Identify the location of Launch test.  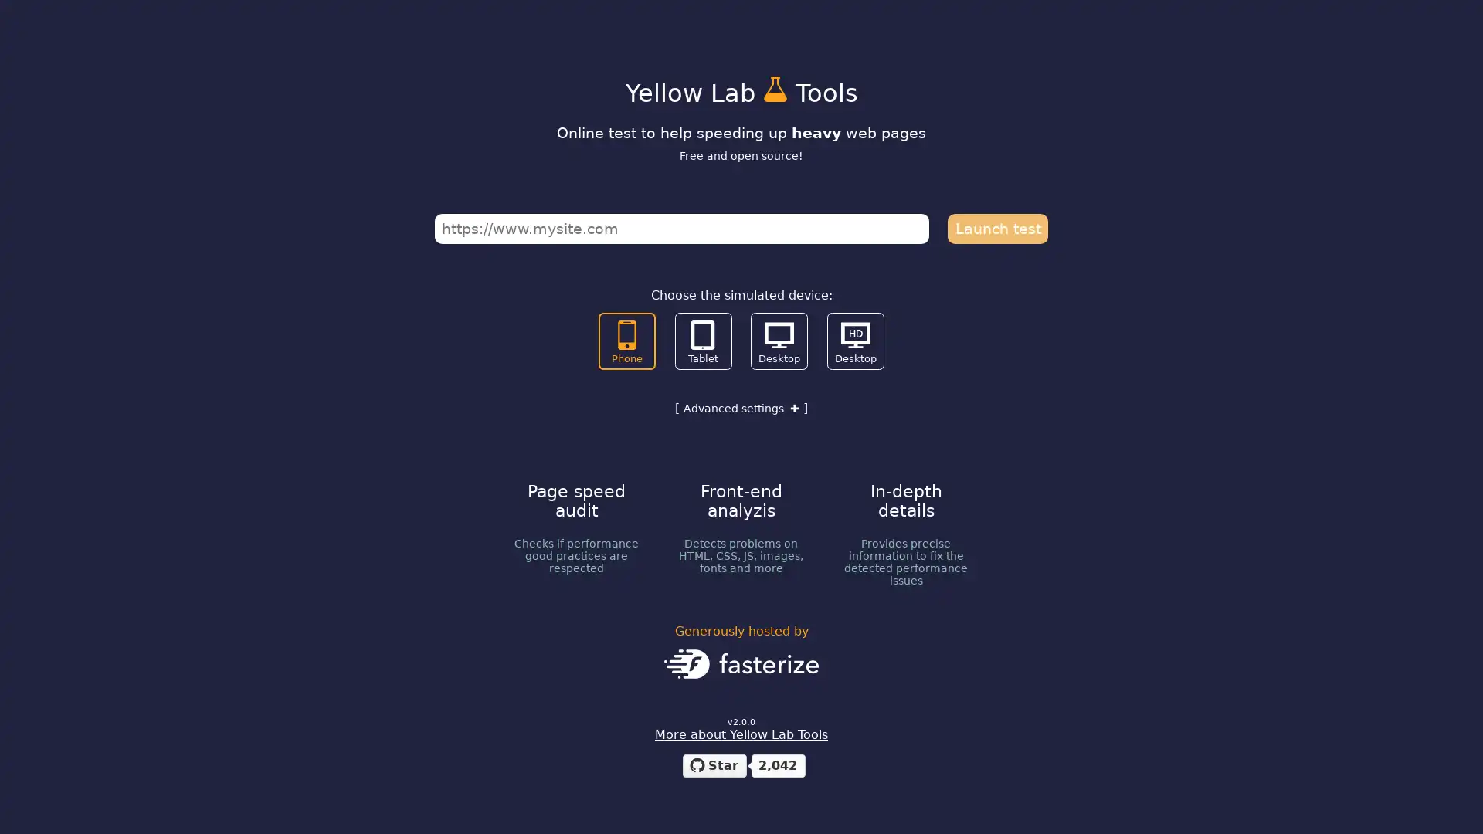
(997, 229).